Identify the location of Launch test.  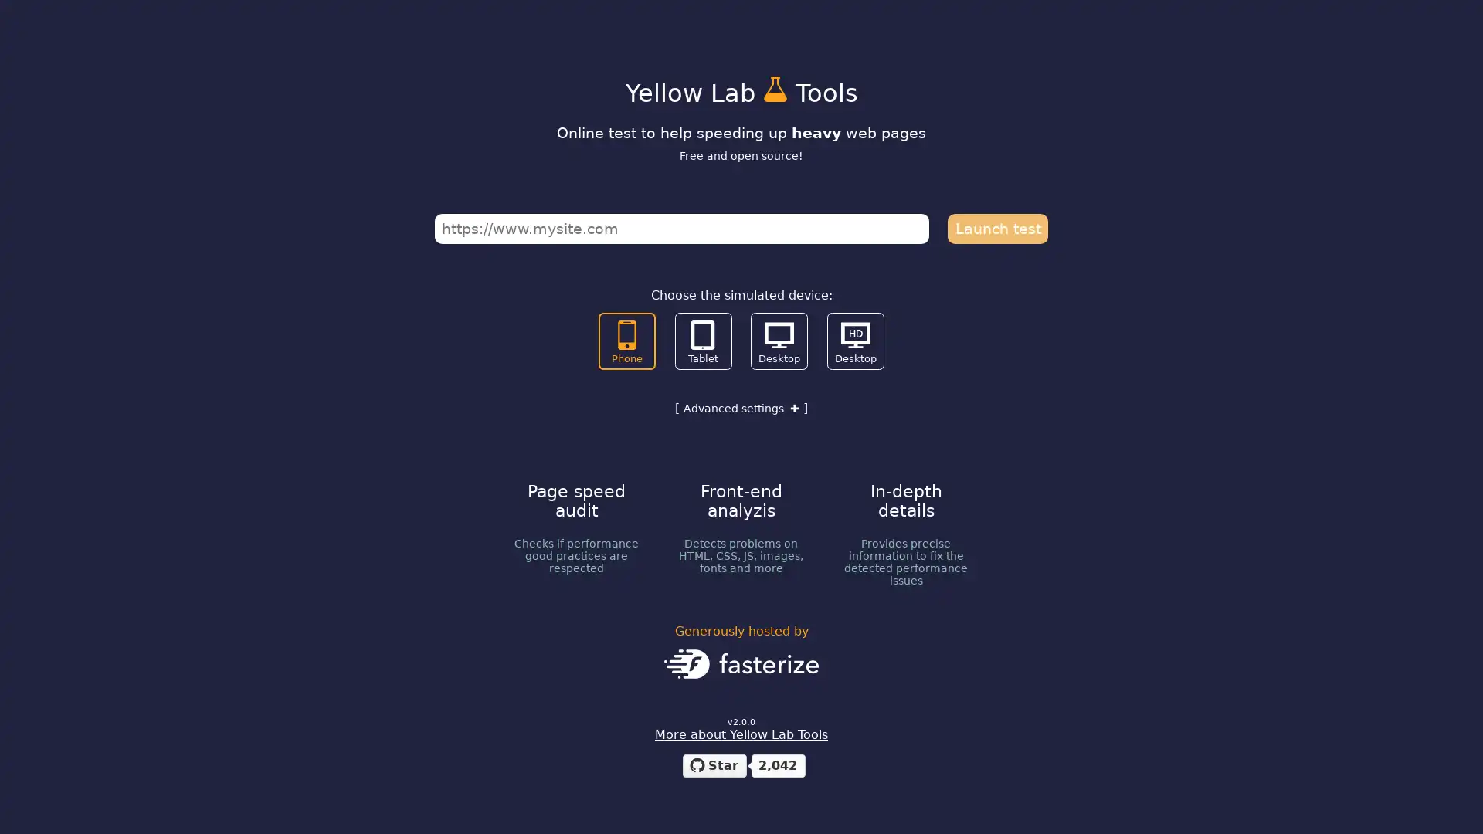
(997, 229).